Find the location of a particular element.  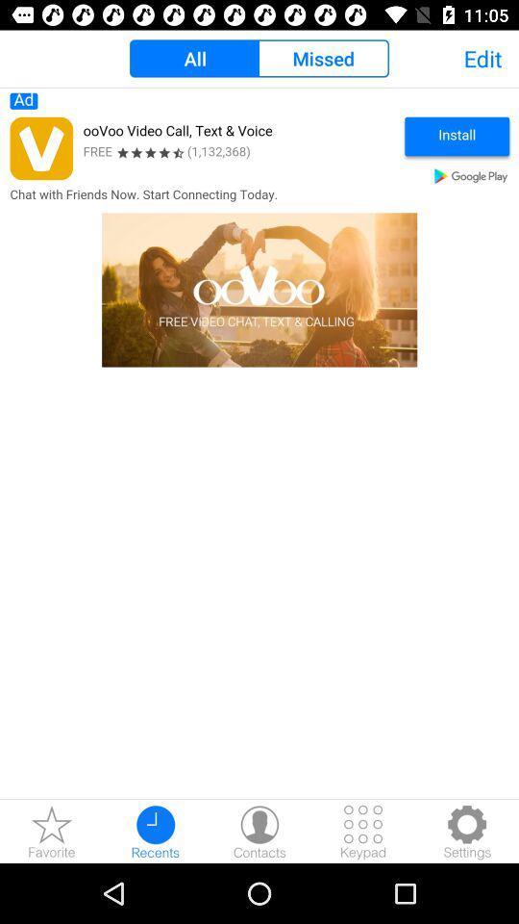

pull up keypad is located at coordinates (363, 831).